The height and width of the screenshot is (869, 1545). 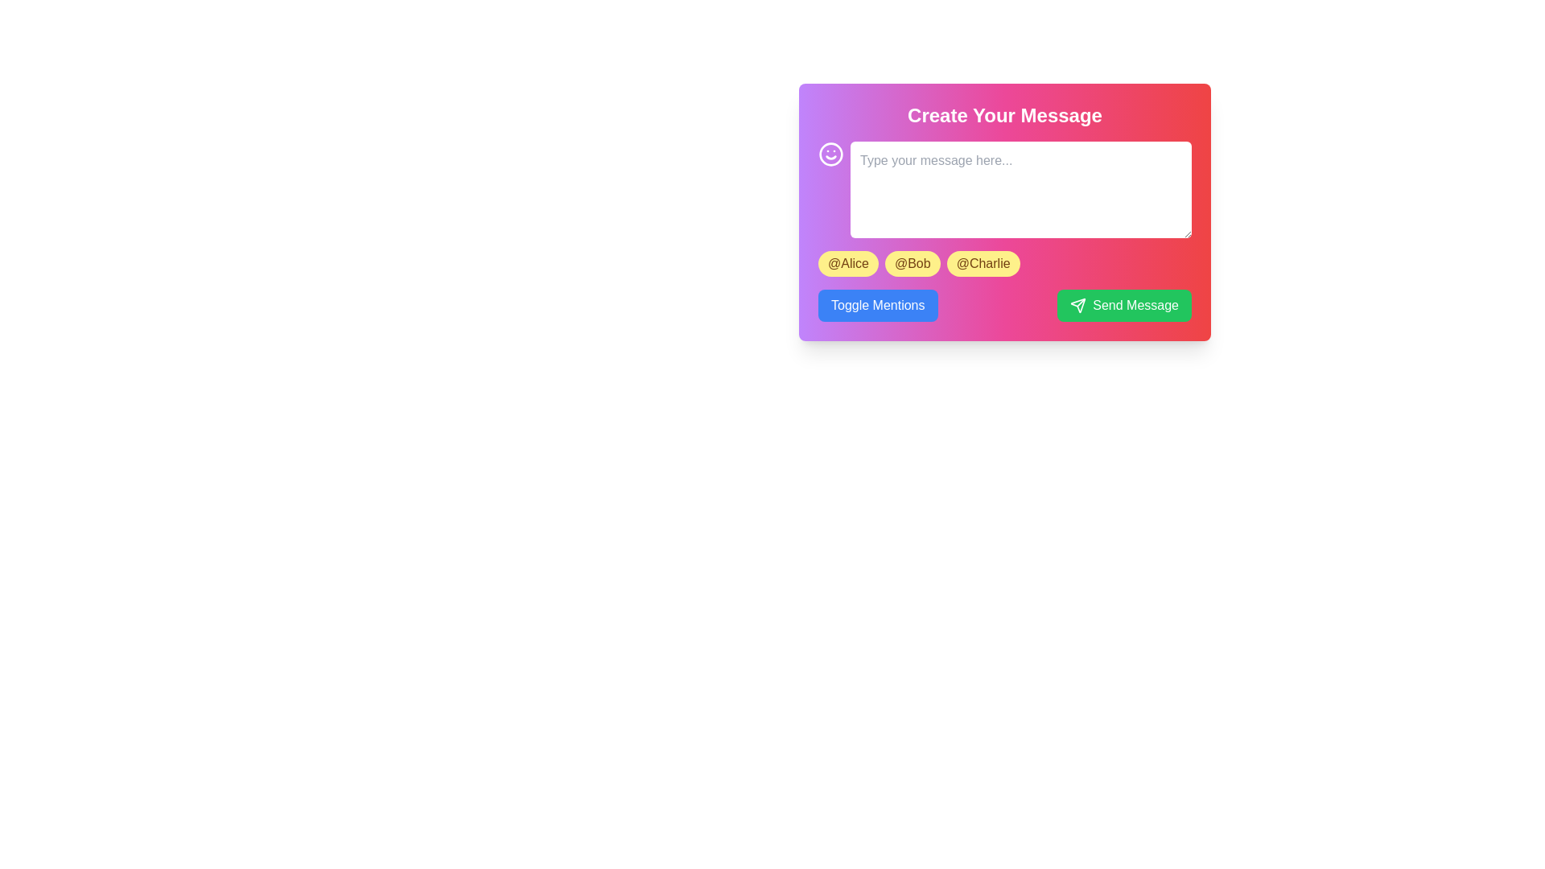 I want to click on the first pill-shaped button with a yellow background and the text '@Alice' in bold brown font, so click(x=847, y=262).